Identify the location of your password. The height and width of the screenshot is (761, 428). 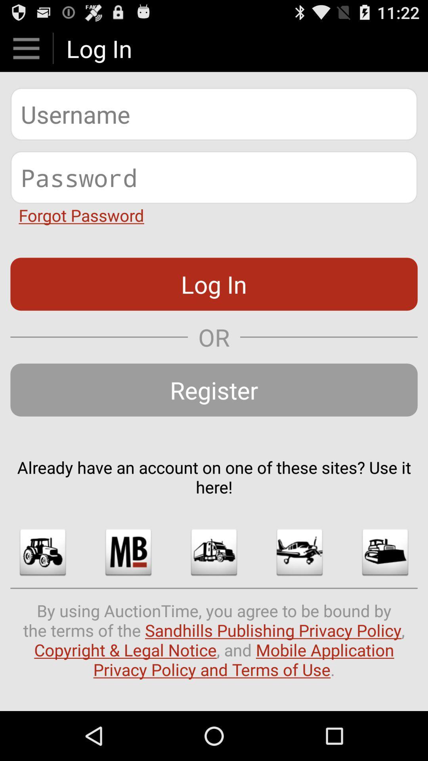
(214, 177).